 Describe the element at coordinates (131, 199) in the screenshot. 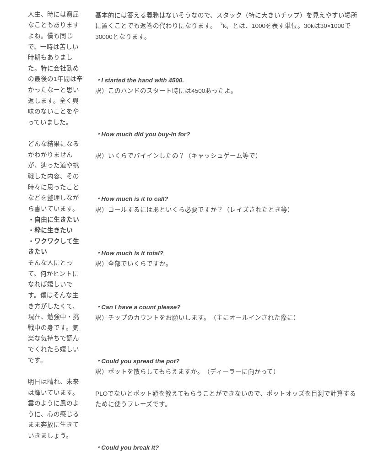

I see `'・How much is it to call?'` at that location.